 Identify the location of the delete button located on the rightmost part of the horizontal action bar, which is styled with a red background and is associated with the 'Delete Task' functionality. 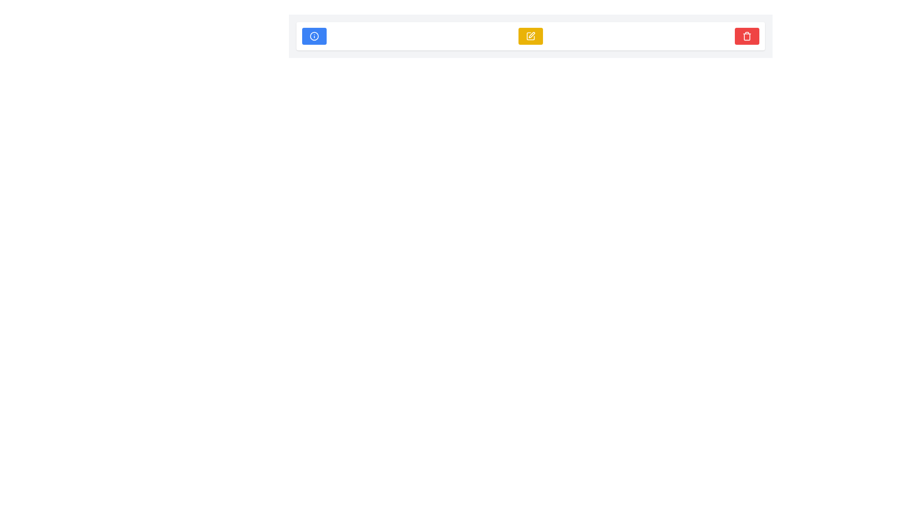
(746, 36).